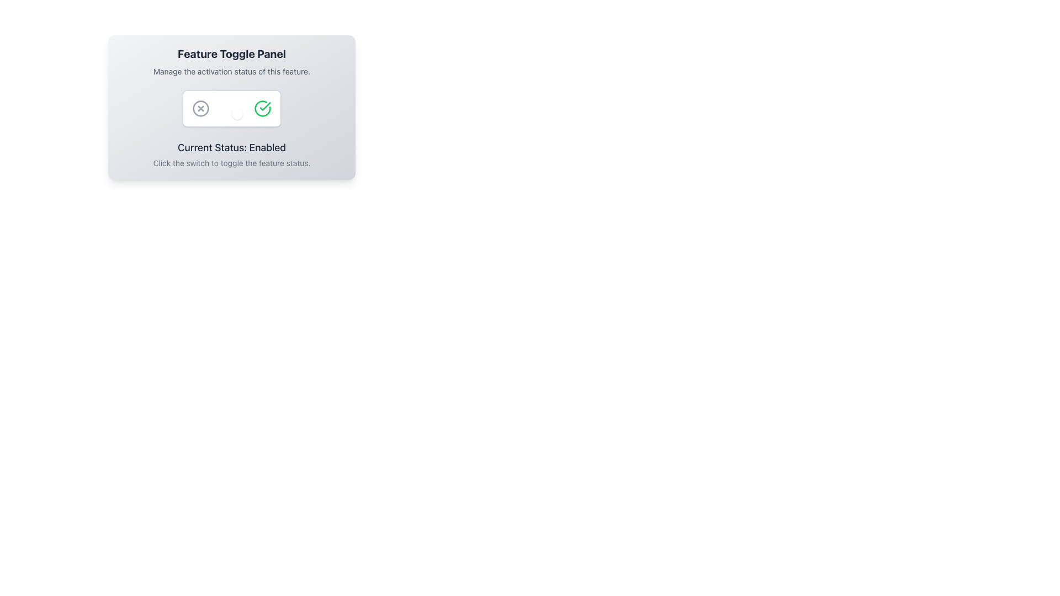 This screenshot has width=1060, height=596. What do you see at coordinates (267, 147) in the screenshot?
I see `the static text element reading 'Enabled' which is styled with a green font color and located within the phrase 'Current Status: Enabled'` at bounding box center [267, 147].